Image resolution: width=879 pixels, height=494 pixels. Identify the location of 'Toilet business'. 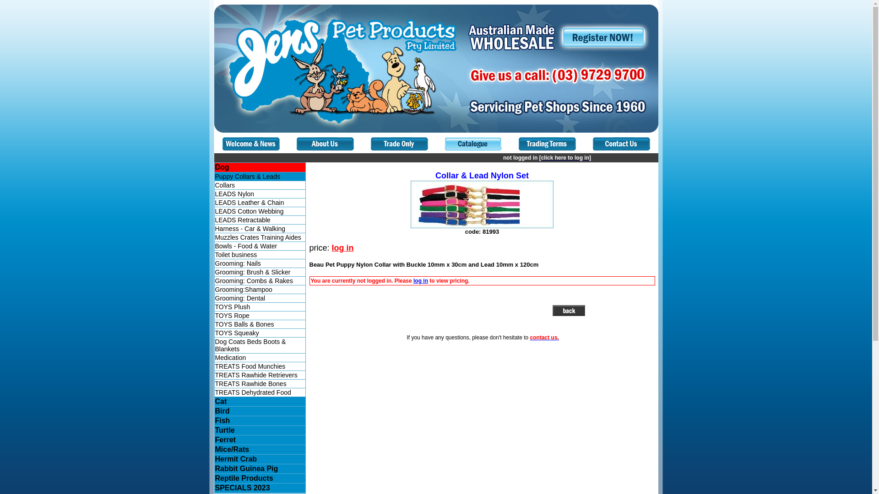
(236, 254).